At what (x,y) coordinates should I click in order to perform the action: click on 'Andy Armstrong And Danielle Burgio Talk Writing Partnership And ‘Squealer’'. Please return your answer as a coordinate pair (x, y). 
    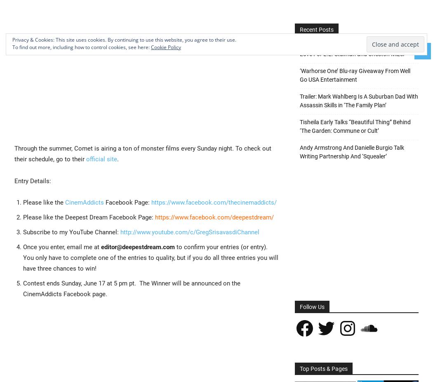
    Looking at the image, I should click on (352, 152).